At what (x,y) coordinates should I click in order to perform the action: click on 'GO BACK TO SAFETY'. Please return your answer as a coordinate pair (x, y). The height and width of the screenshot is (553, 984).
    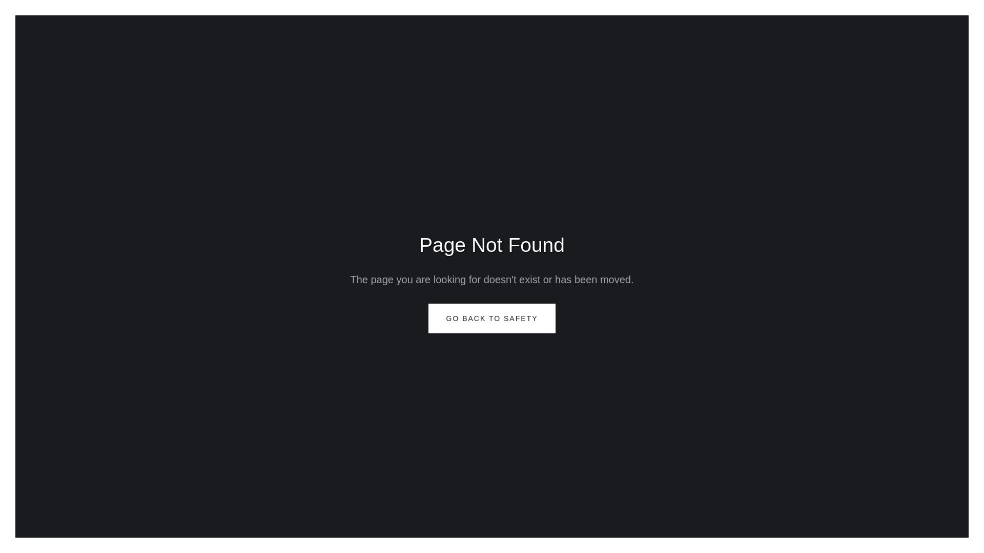
    Looking at the image, I should click on (492, 317).